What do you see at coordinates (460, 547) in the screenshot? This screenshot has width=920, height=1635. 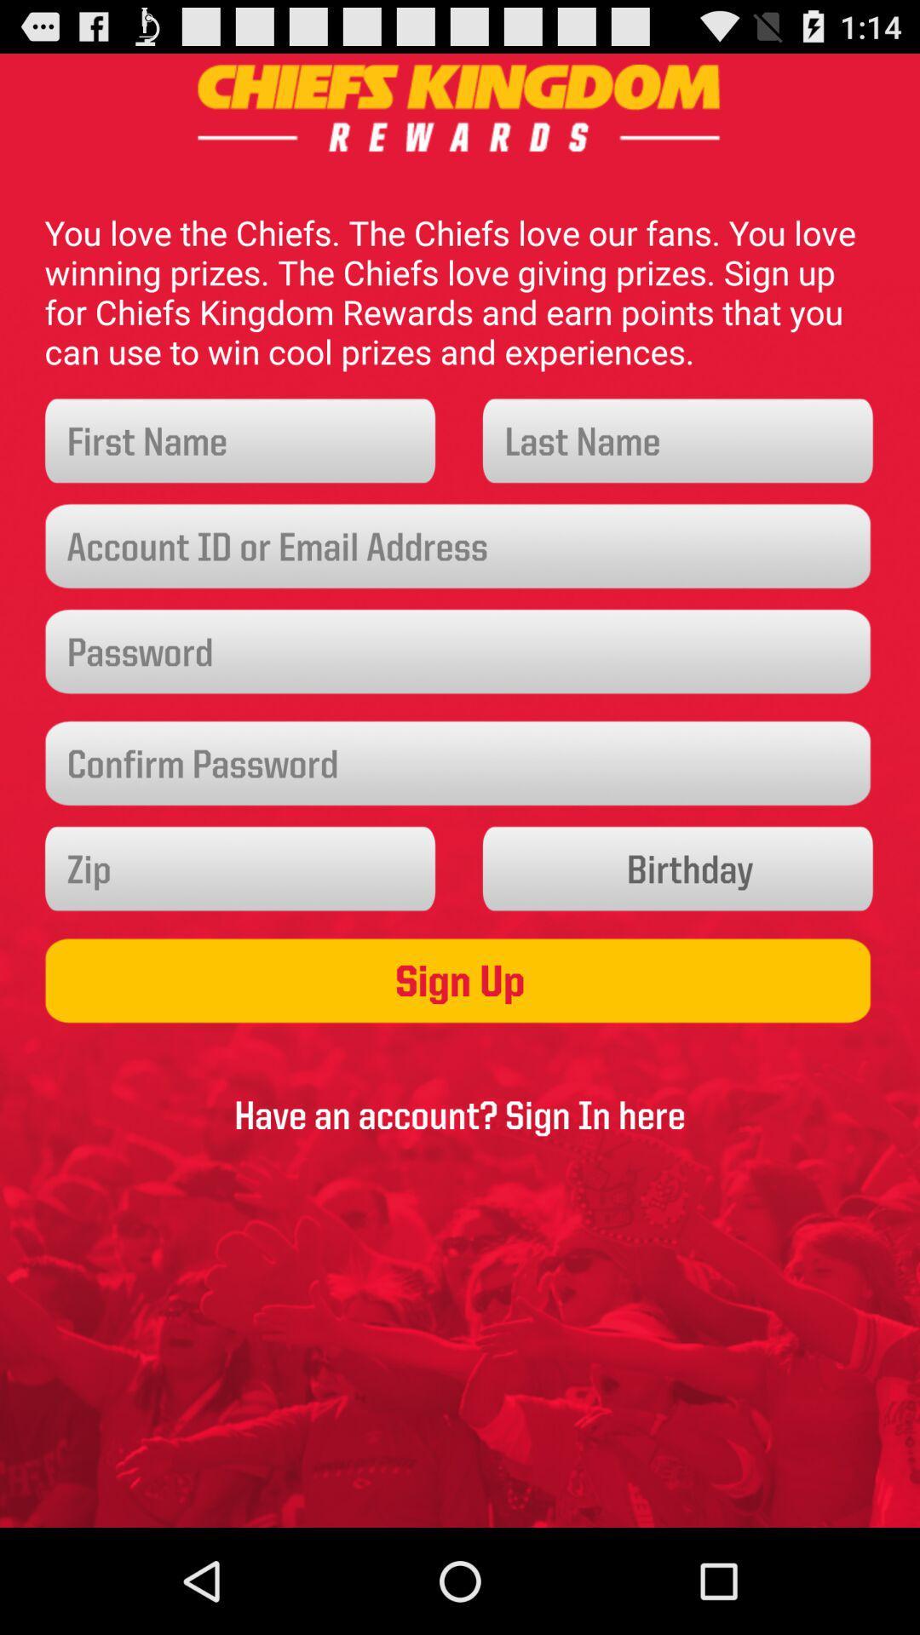 I see `input id` at bounding box center [460, 547].